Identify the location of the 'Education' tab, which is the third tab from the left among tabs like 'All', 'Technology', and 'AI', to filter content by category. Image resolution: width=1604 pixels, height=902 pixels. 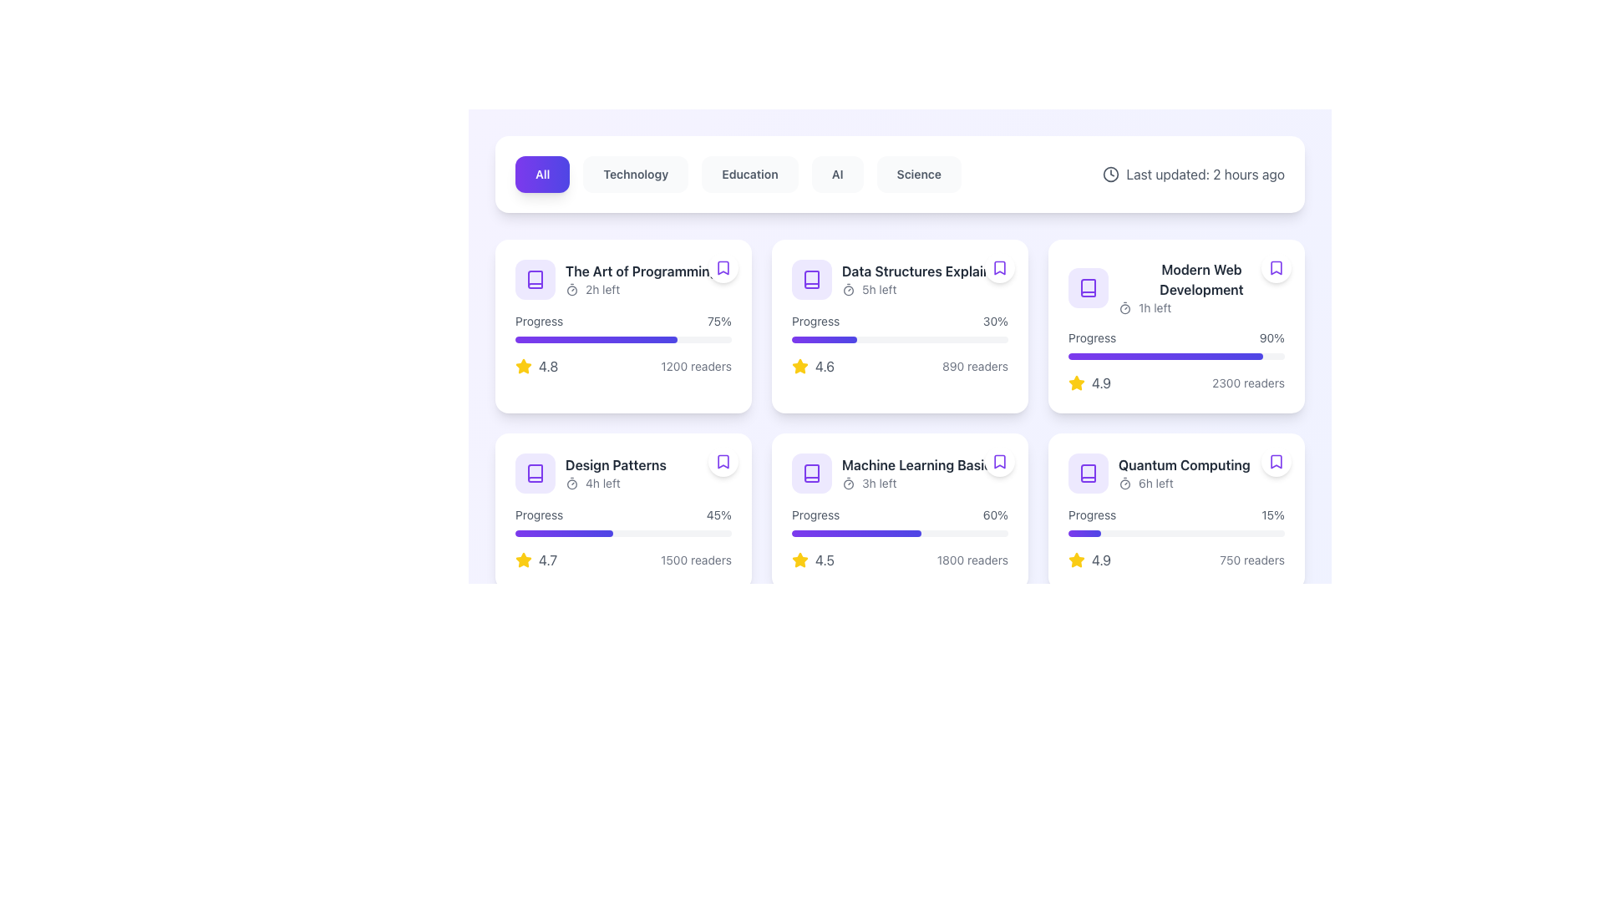
(737, 174).